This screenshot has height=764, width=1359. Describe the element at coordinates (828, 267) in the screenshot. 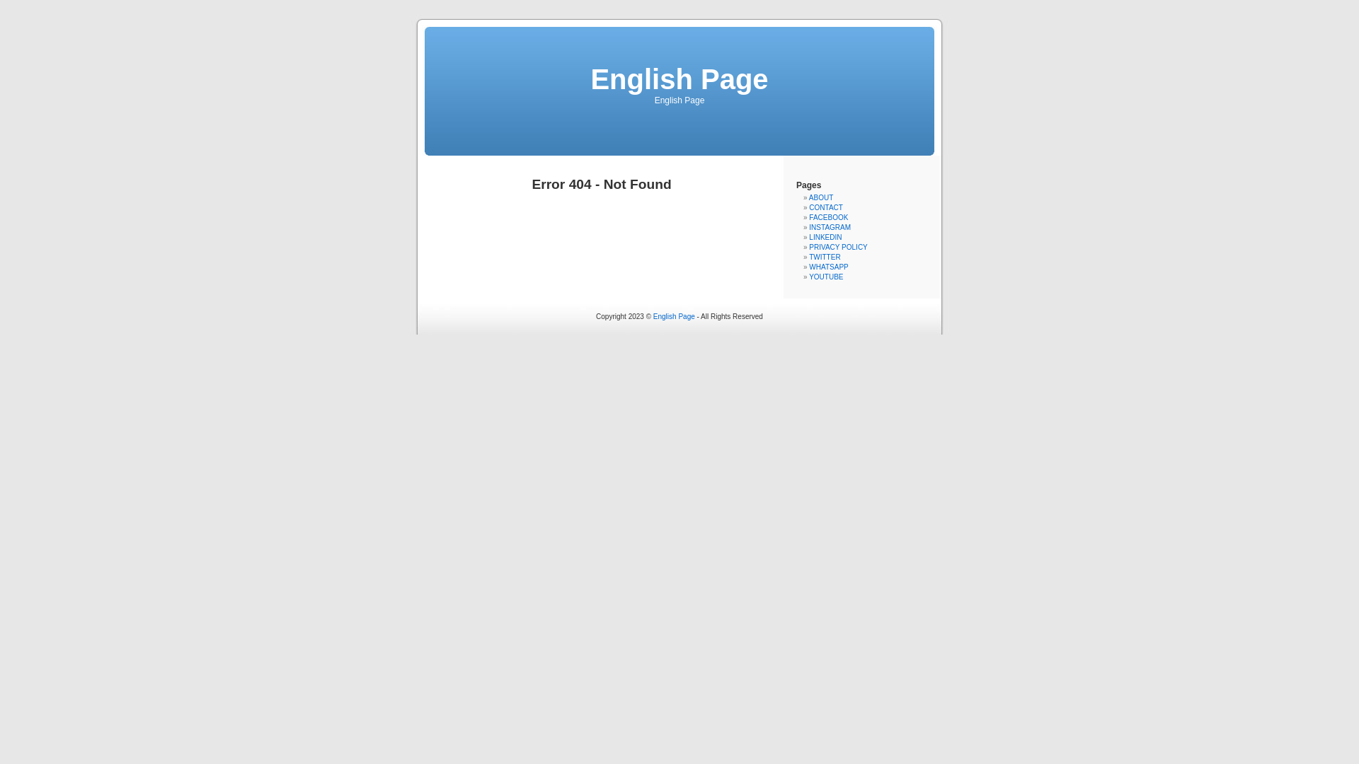

I see `'WHATSAPP'` at that location.